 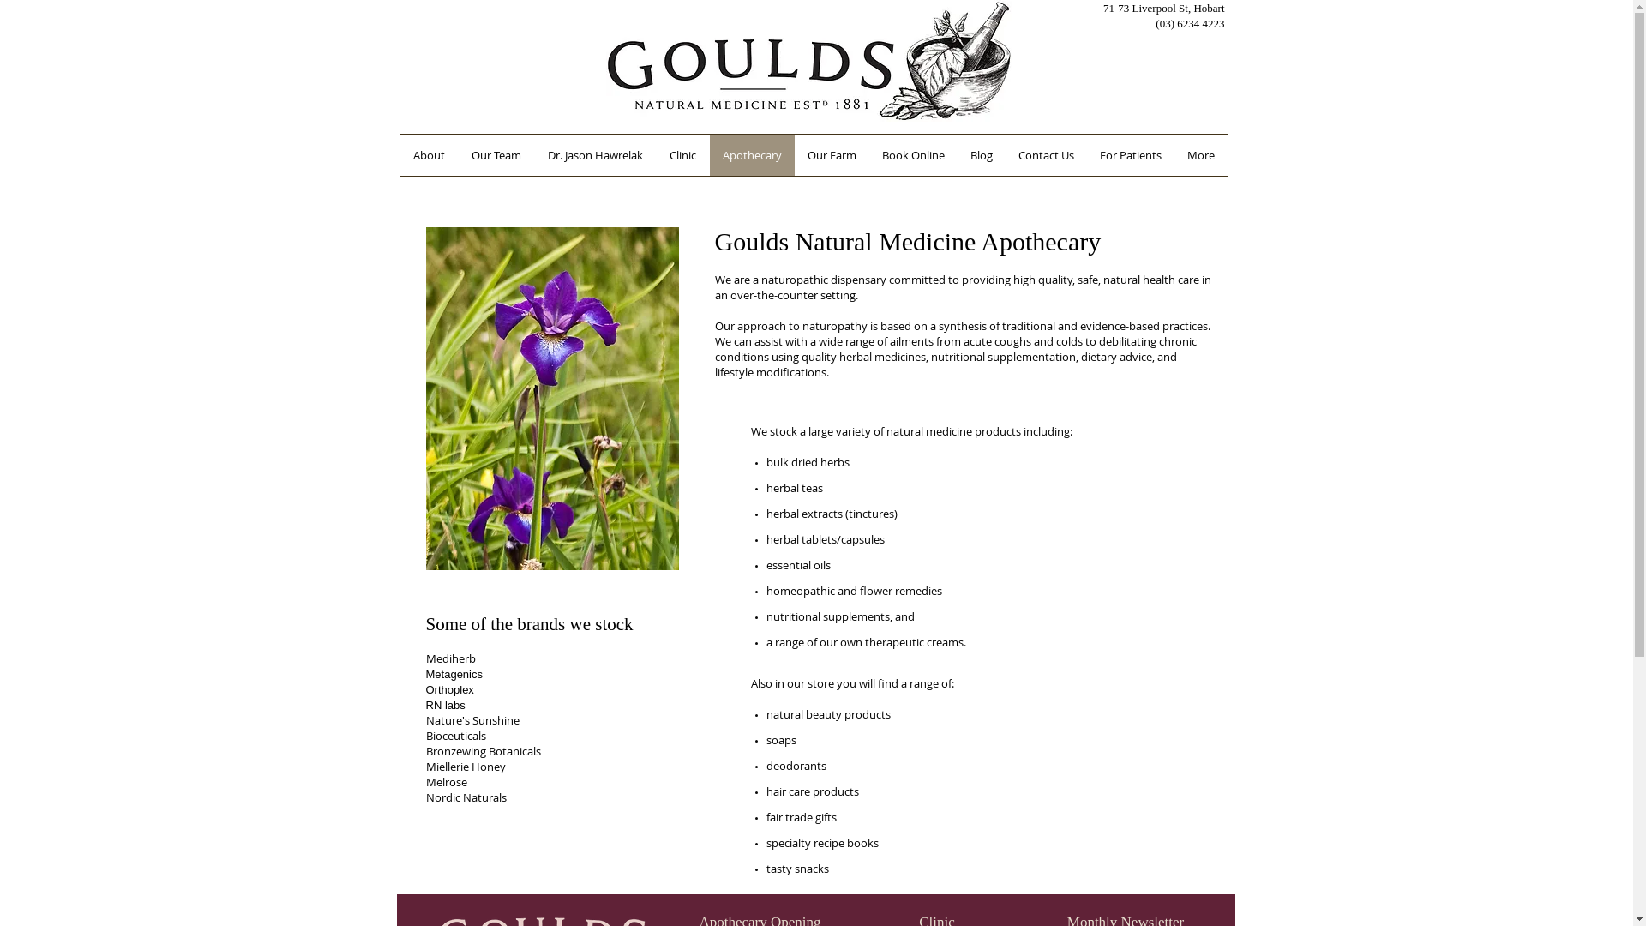 What do you see at coordinates (457, 155) in the screenshot?
I see `'Our Team'` at bounding box center [457, 155].